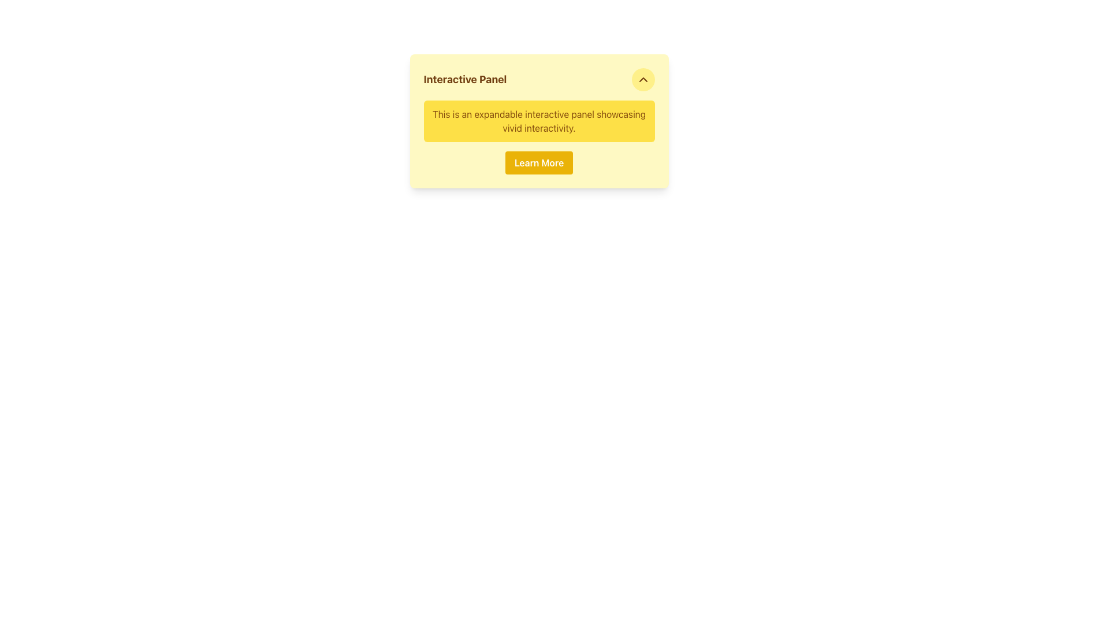 The width and height of the screenshot is (1109, 624). What do you see at coordinates (538, 162) in the screenshot?
I see `the yellow button labeled 'Learn More' that is centered at the bottom of the interactive panel` at bounding box center [538, 162].